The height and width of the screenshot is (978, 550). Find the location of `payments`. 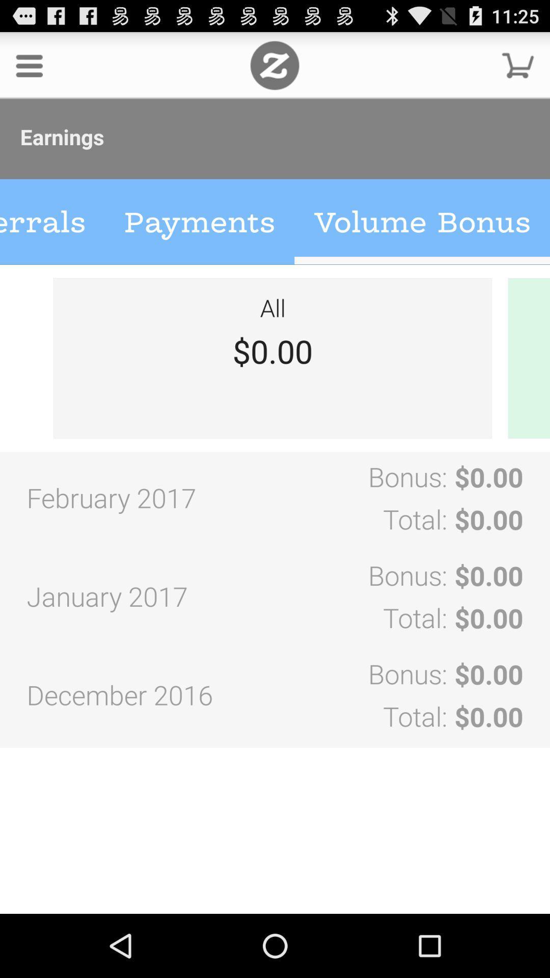

payments is located at coordinates (200, 222).